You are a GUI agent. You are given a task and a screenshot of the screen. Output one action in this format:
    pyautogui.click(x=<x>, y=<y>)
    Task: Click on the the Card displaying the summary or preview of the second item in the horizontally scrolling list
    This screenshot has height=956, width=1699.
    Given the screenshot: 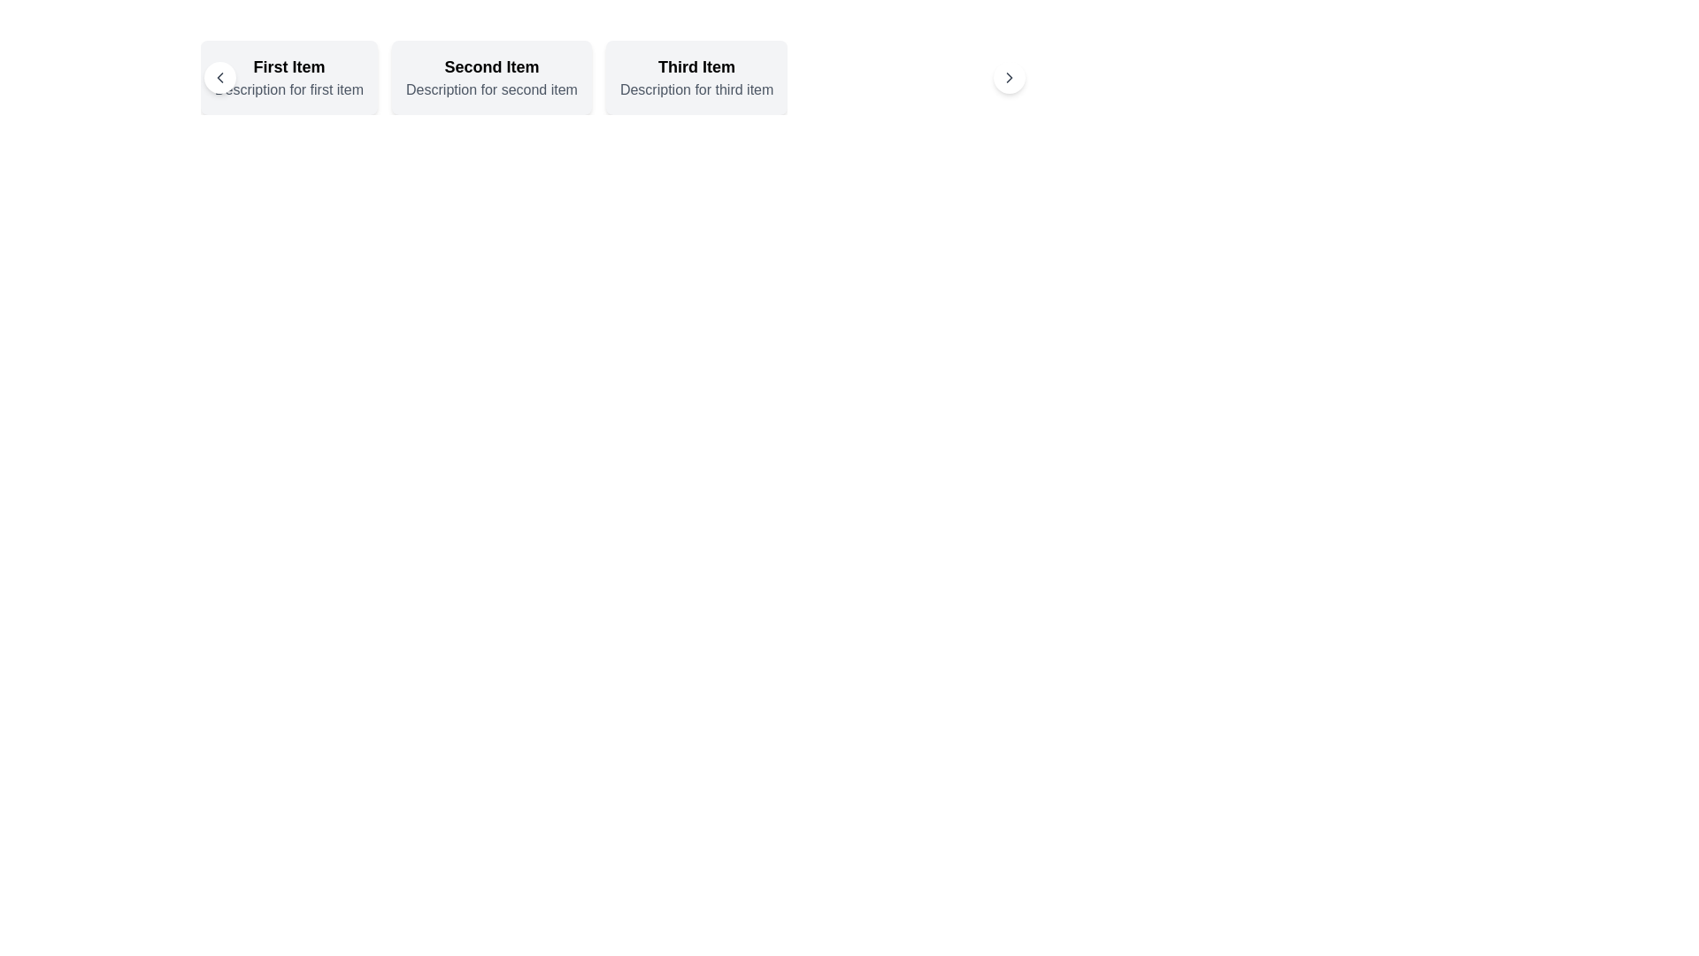 What is the action you would take?
    pyautogui.click(x=492, y=77)
    